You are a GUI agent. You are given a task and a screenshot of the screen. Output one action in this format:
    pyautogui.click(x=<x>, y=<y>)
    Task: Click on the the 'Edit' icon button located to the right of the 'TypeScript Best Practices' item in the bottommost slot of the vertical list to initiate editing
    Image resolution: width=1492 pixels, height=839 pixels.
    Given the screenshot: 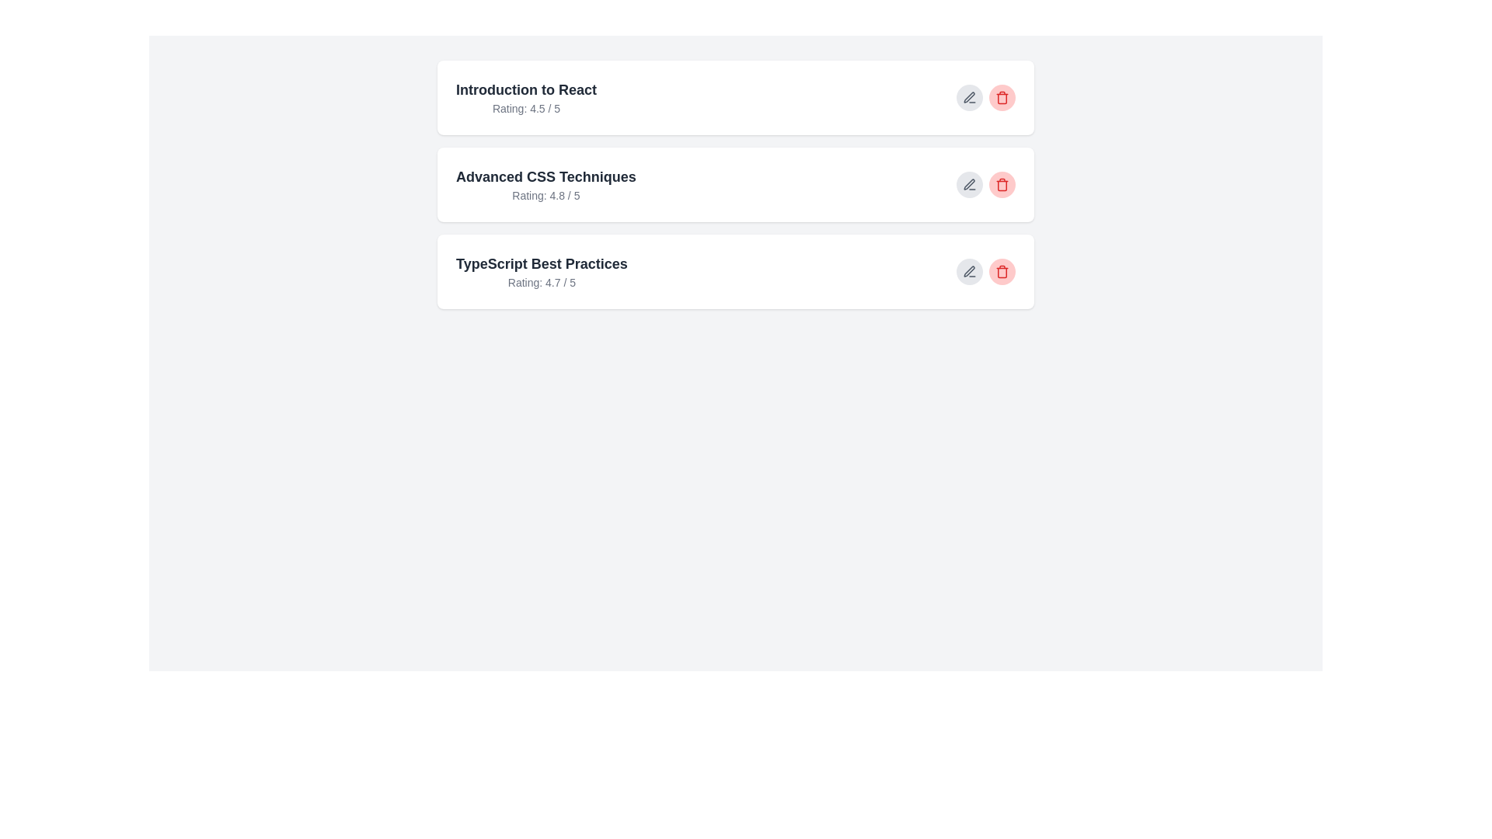 What is the action you would take?
    pyautogui.click(x=969, y=271)
    